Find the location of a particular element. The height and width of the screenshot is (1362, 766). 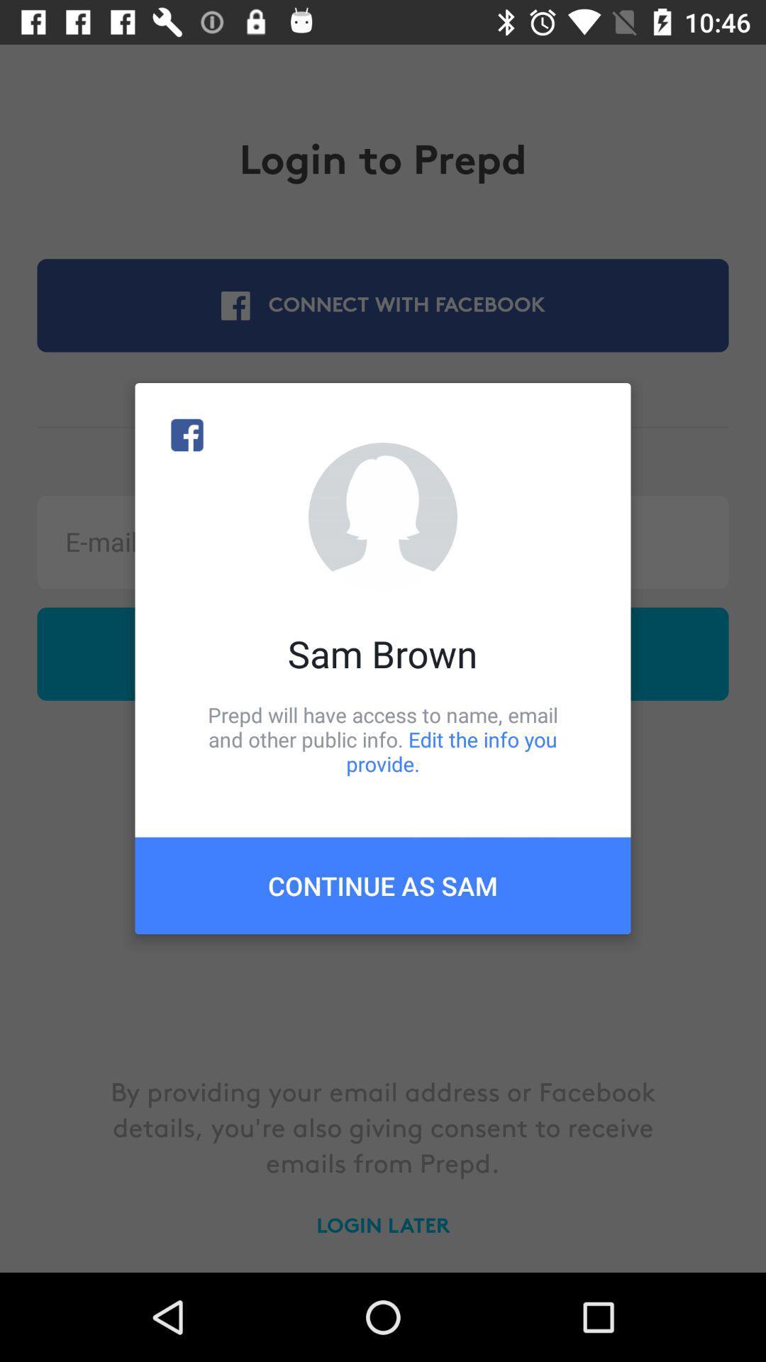

icon below the prepd will have item is located at coordinates (383, 885).